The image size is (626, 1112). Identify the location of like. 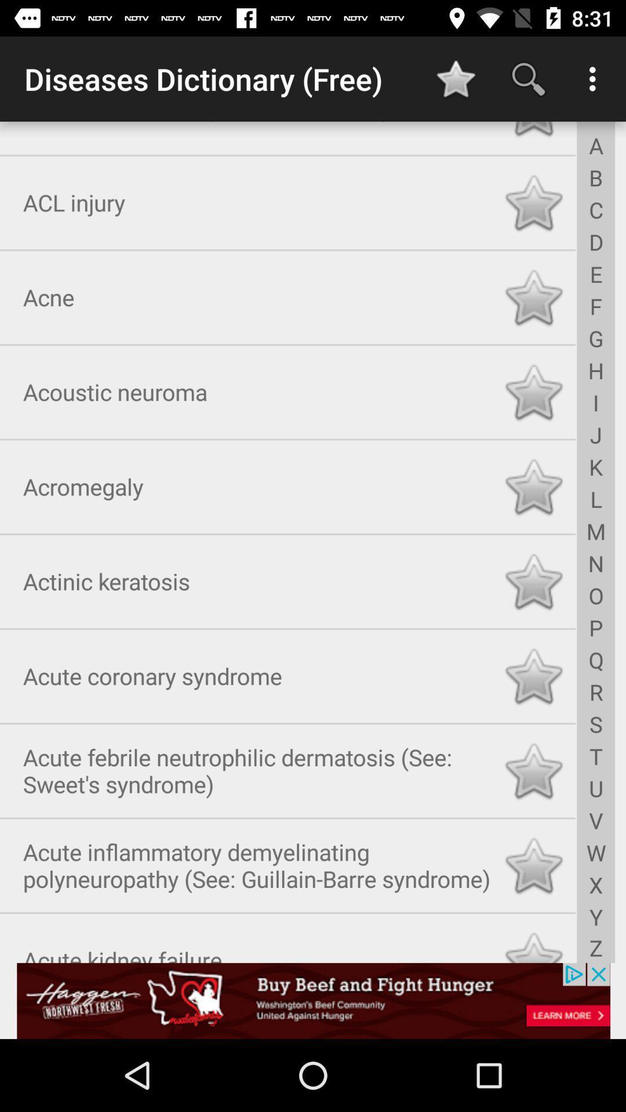
(533, 943).